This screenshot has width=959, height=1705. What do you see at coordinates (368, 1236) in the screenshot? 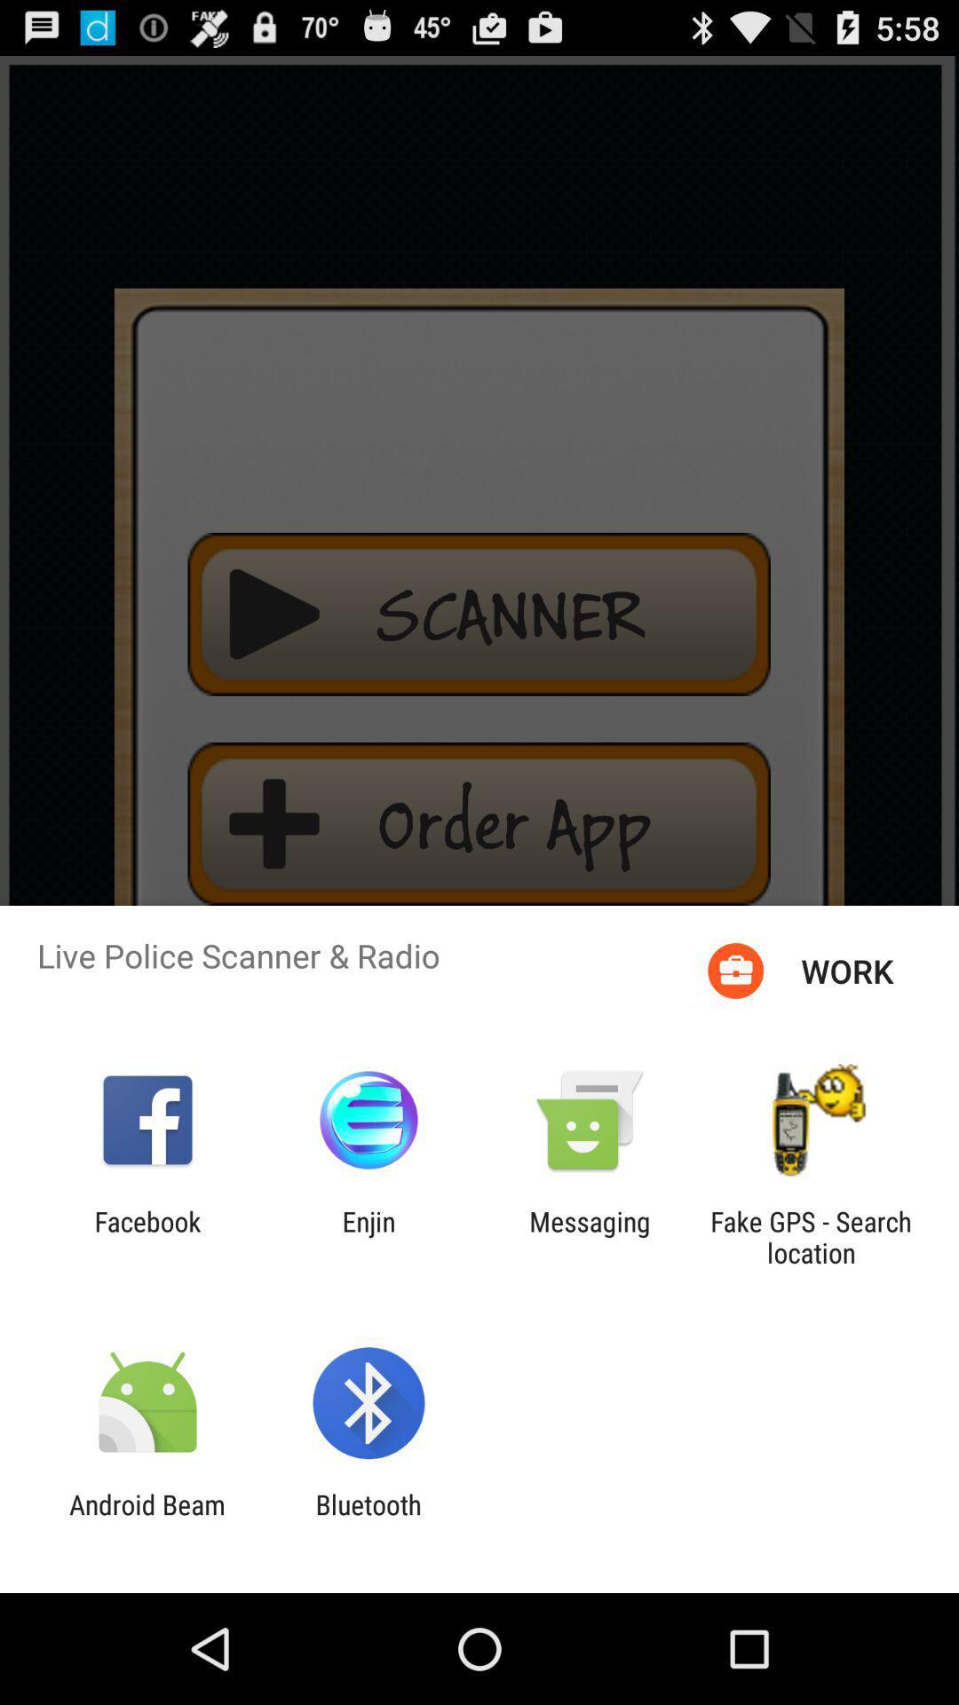
I see `the icon to the left of messaging item` at bounding box center [368, 1236].